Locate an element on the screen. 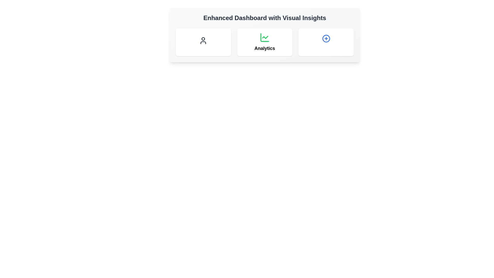  the analytics icon located in the central area of the top section, above the text label 'Analytics' is located at coordinates (264, 37).